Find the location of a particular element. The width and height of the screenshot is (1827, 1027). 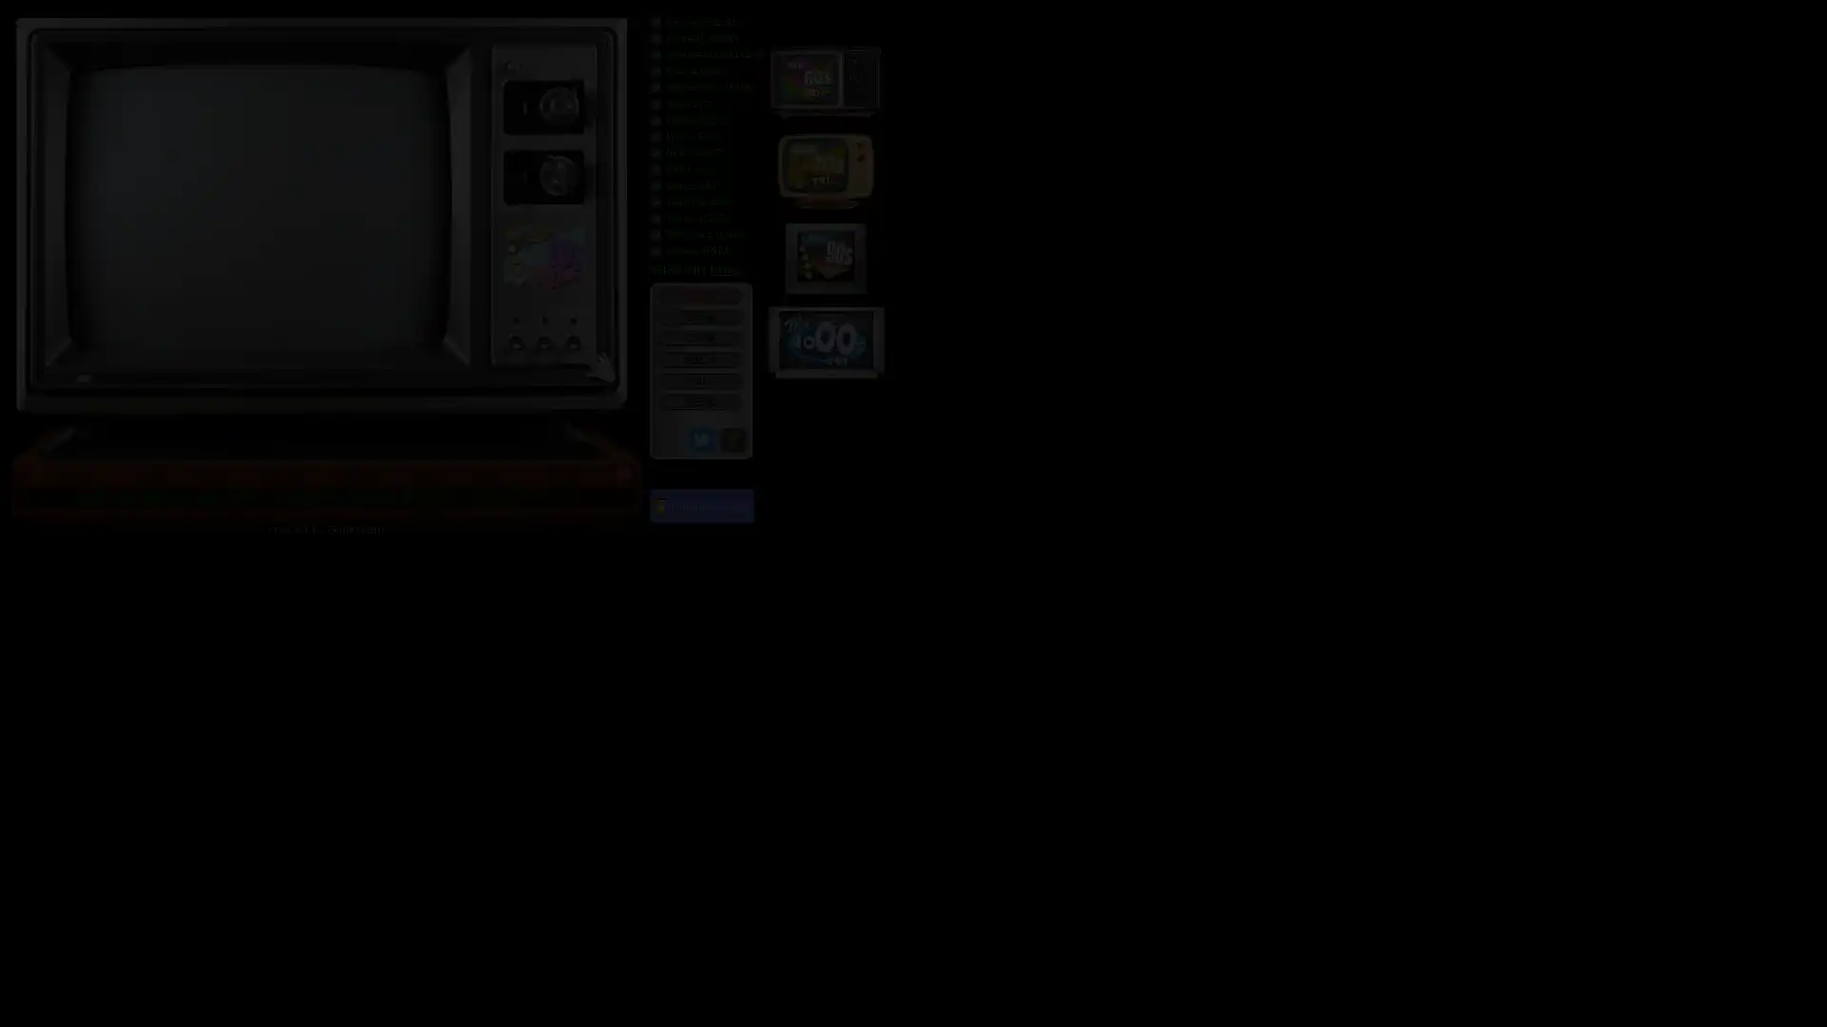

MENU is located at coordinates (698, 400).